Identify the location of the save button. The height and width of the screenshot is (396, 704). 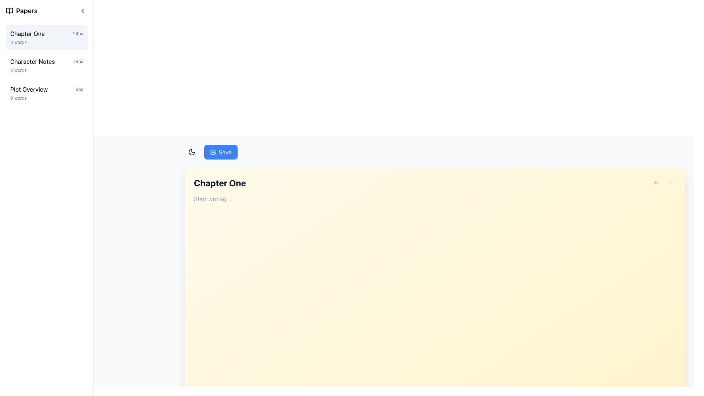
(211, 152).